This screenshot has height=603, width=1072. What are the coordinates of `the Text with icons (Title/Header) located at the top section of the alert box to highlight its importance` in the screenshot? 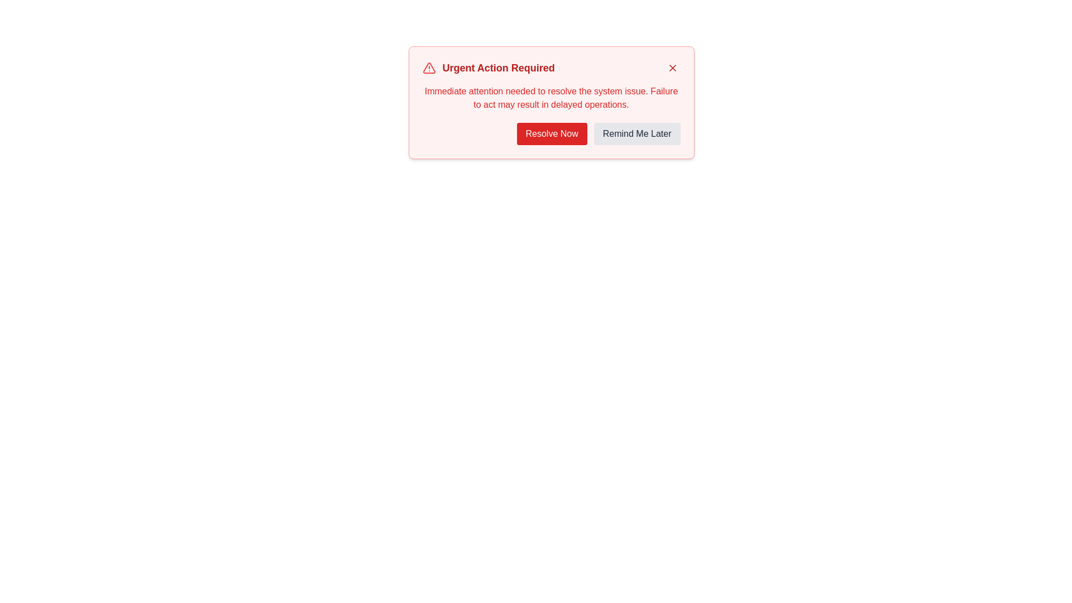 It's located at (551, 68).